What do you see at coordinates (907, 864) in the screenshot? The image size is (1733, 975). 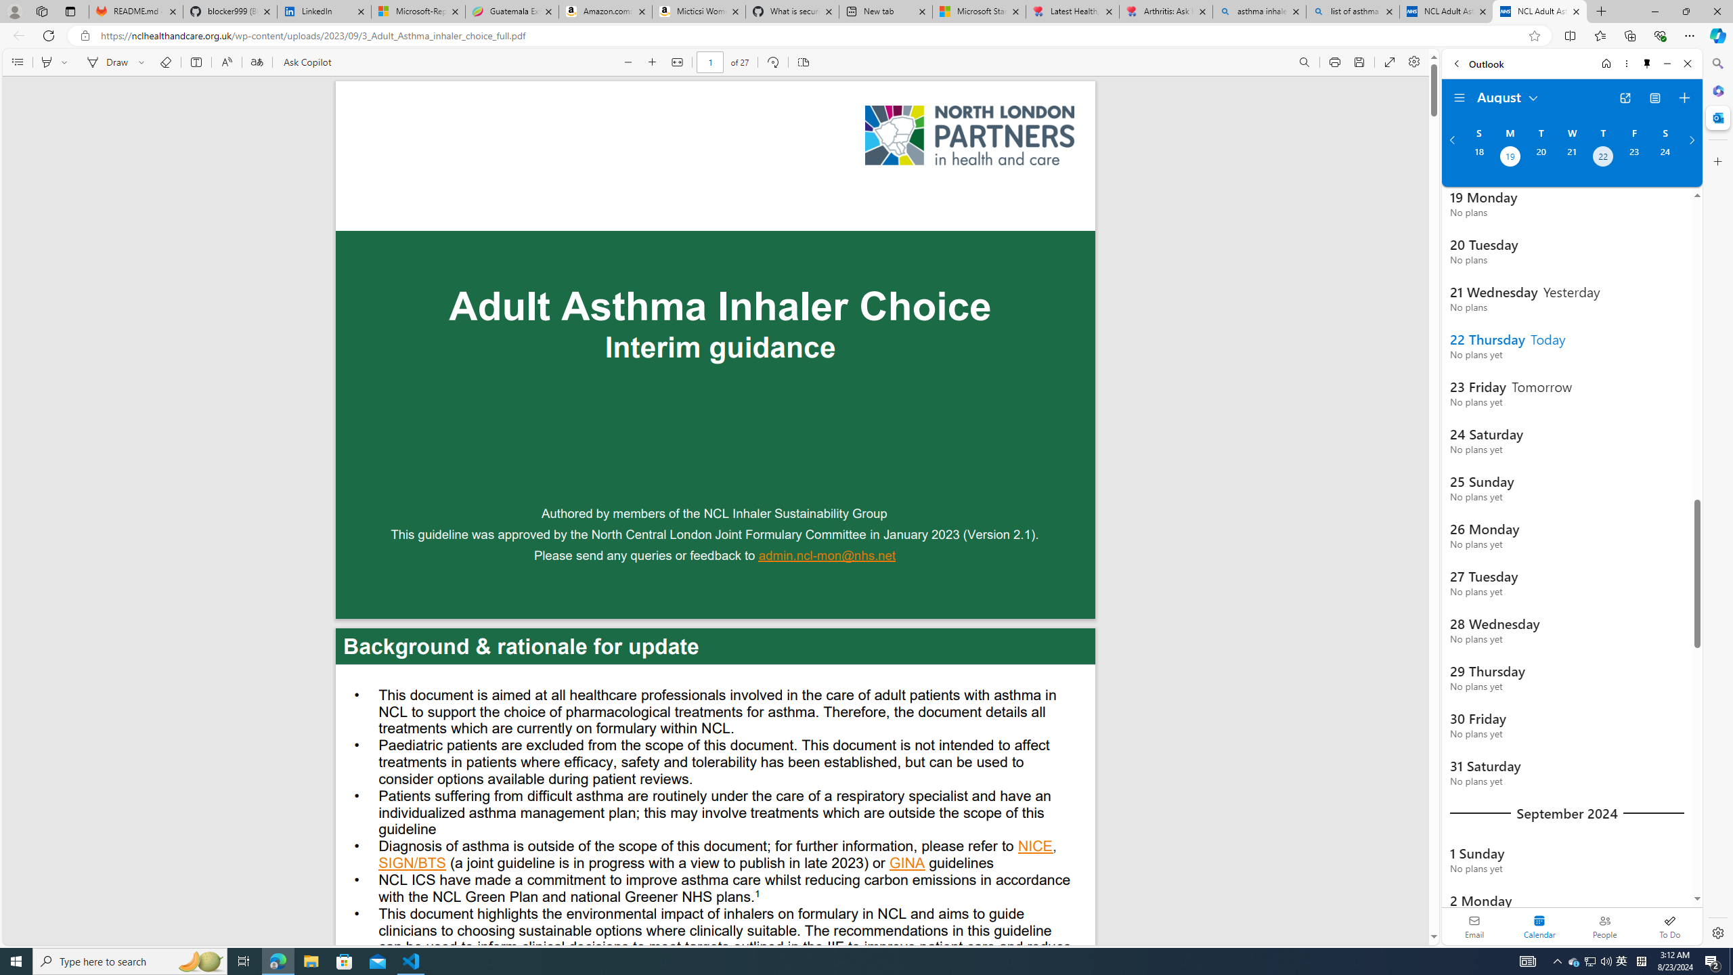 I see `'GINA '` at bounding box center [907, 864].